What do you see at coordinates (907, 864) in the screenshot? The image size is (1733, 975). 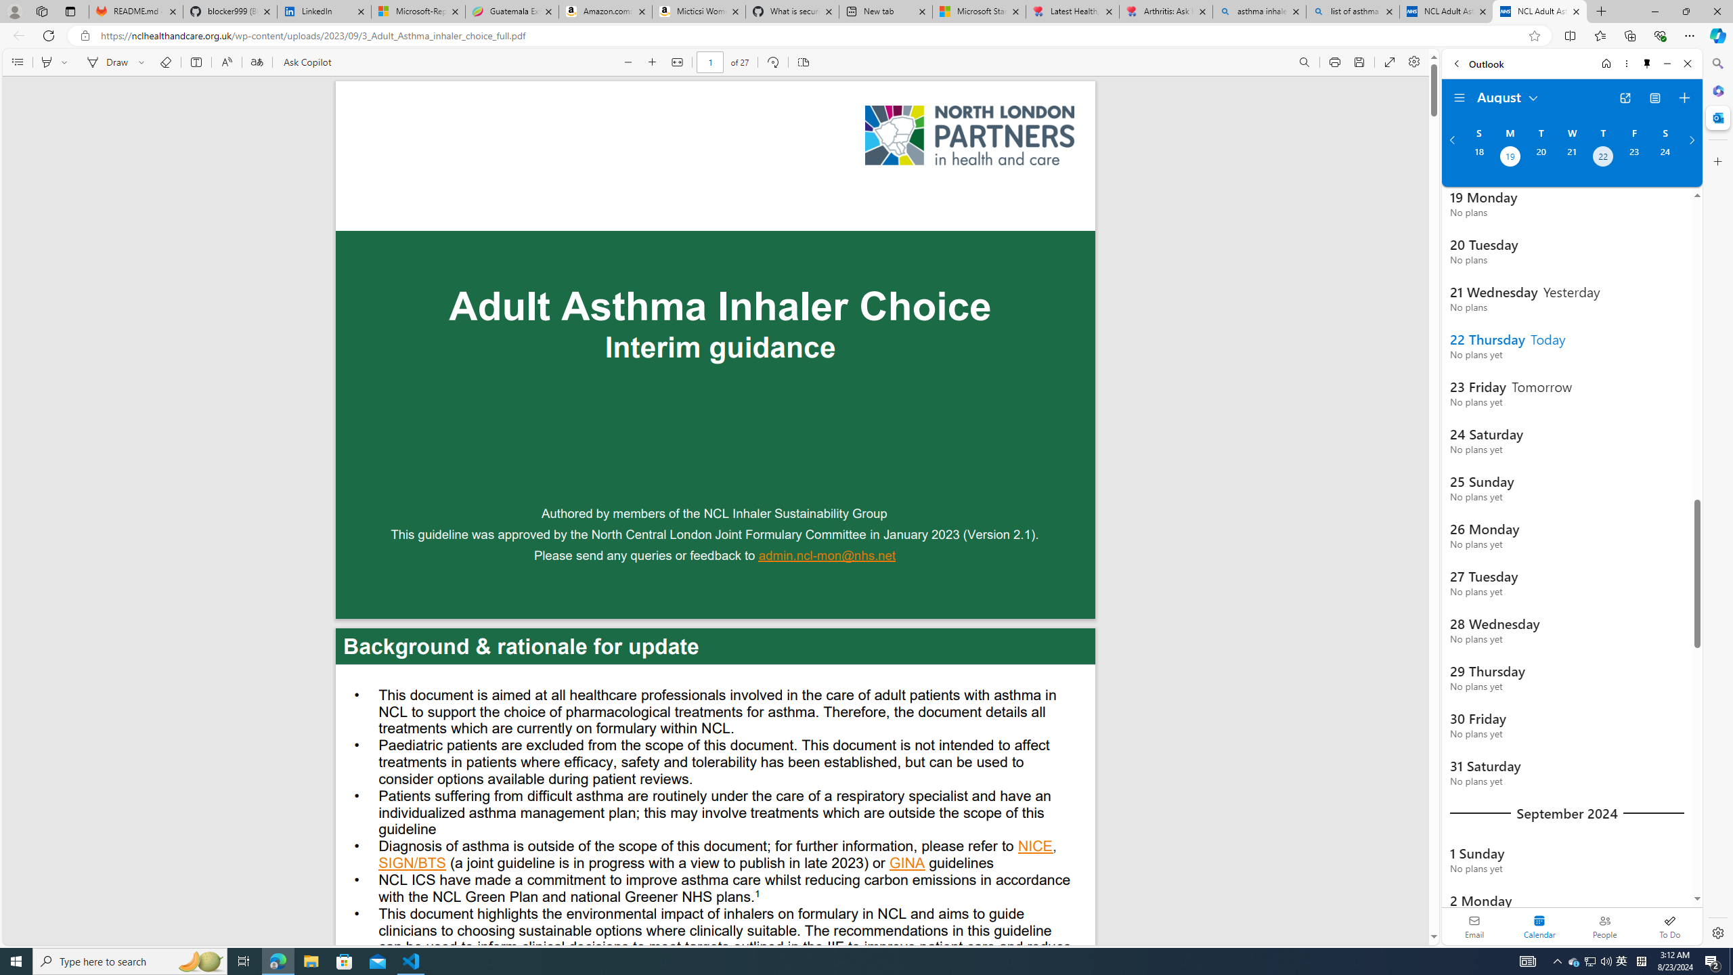 I see `'GINA '` at bounding box center [907, 864].